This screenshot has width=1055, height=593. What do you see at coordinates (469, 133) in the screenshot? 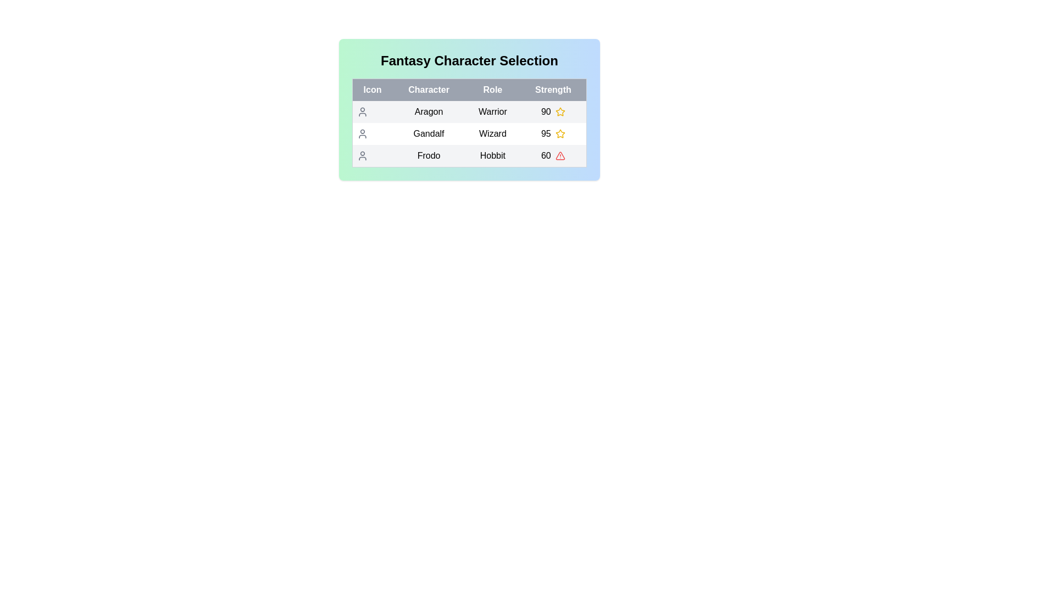
I see `the row corresponding to Gandalf to select the character` at bounding box center [469, 133].